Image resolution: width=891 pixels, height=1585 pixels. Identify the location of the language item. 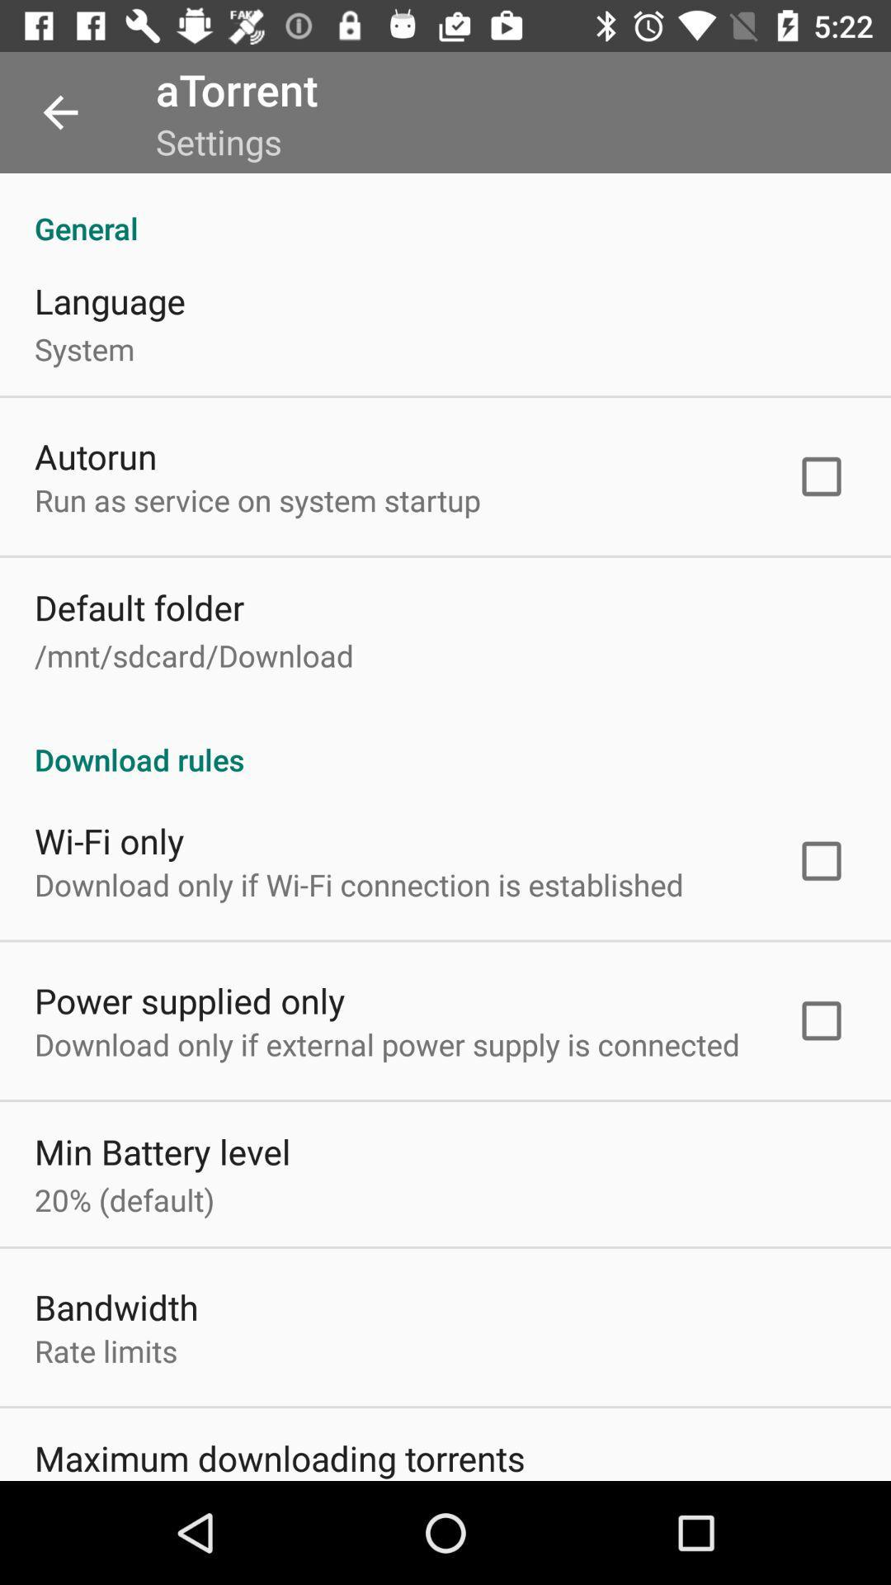
(110, 300).